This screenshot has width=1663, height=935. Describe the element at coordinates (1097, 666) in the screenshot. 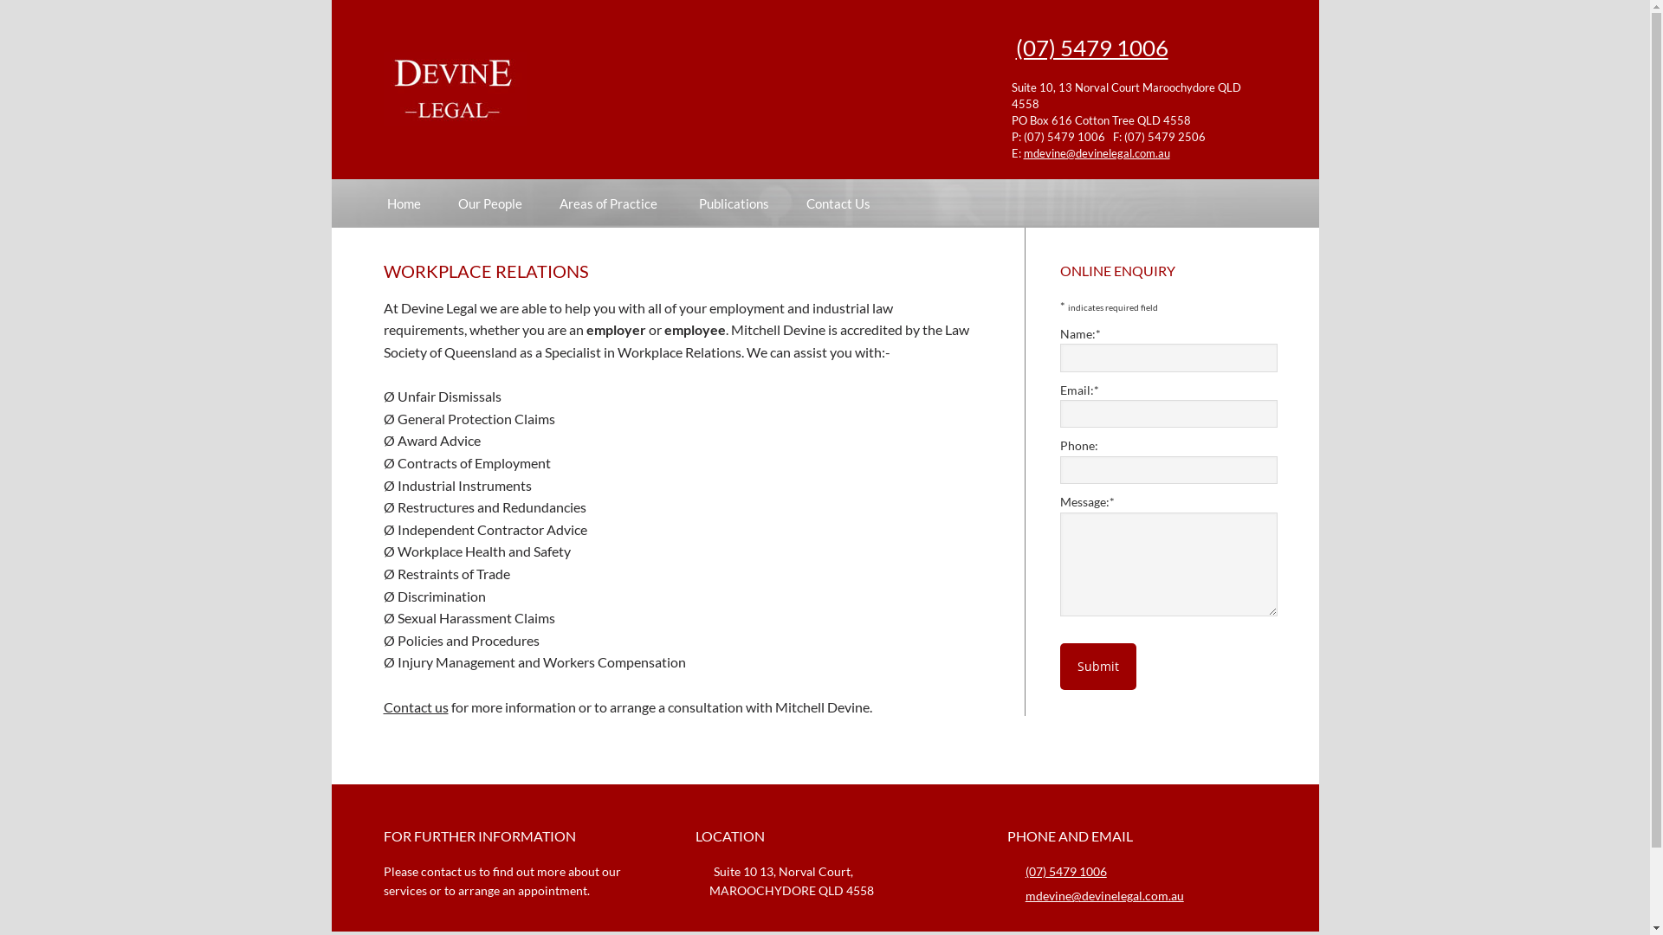

I see `'Submit'` at that location.